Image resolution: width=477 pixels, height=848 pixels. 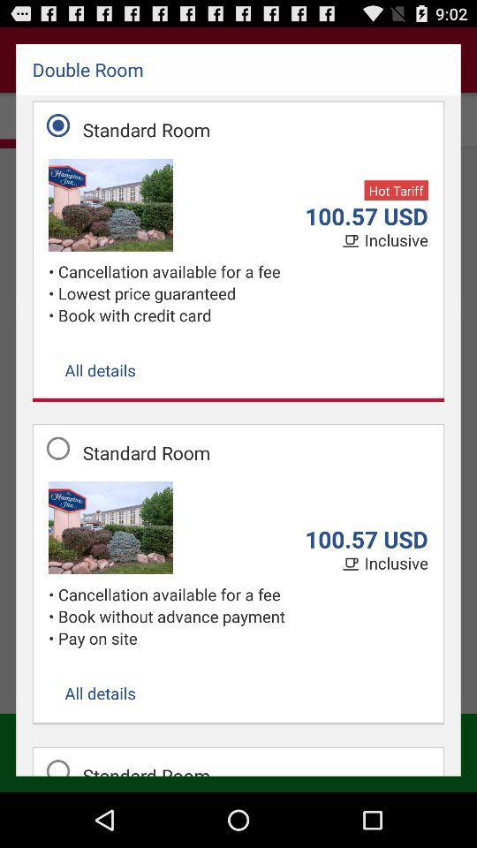 What do you see at coordinates (352, 240) in the screenshot?
I see `the item next to the inclusive icon` at bounding box center [352, 240].